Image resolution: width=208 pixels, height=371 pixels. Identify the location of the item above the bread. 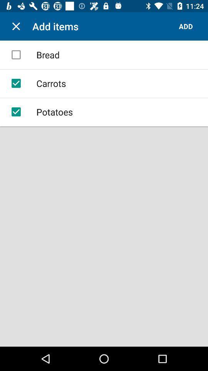
(16, 26).